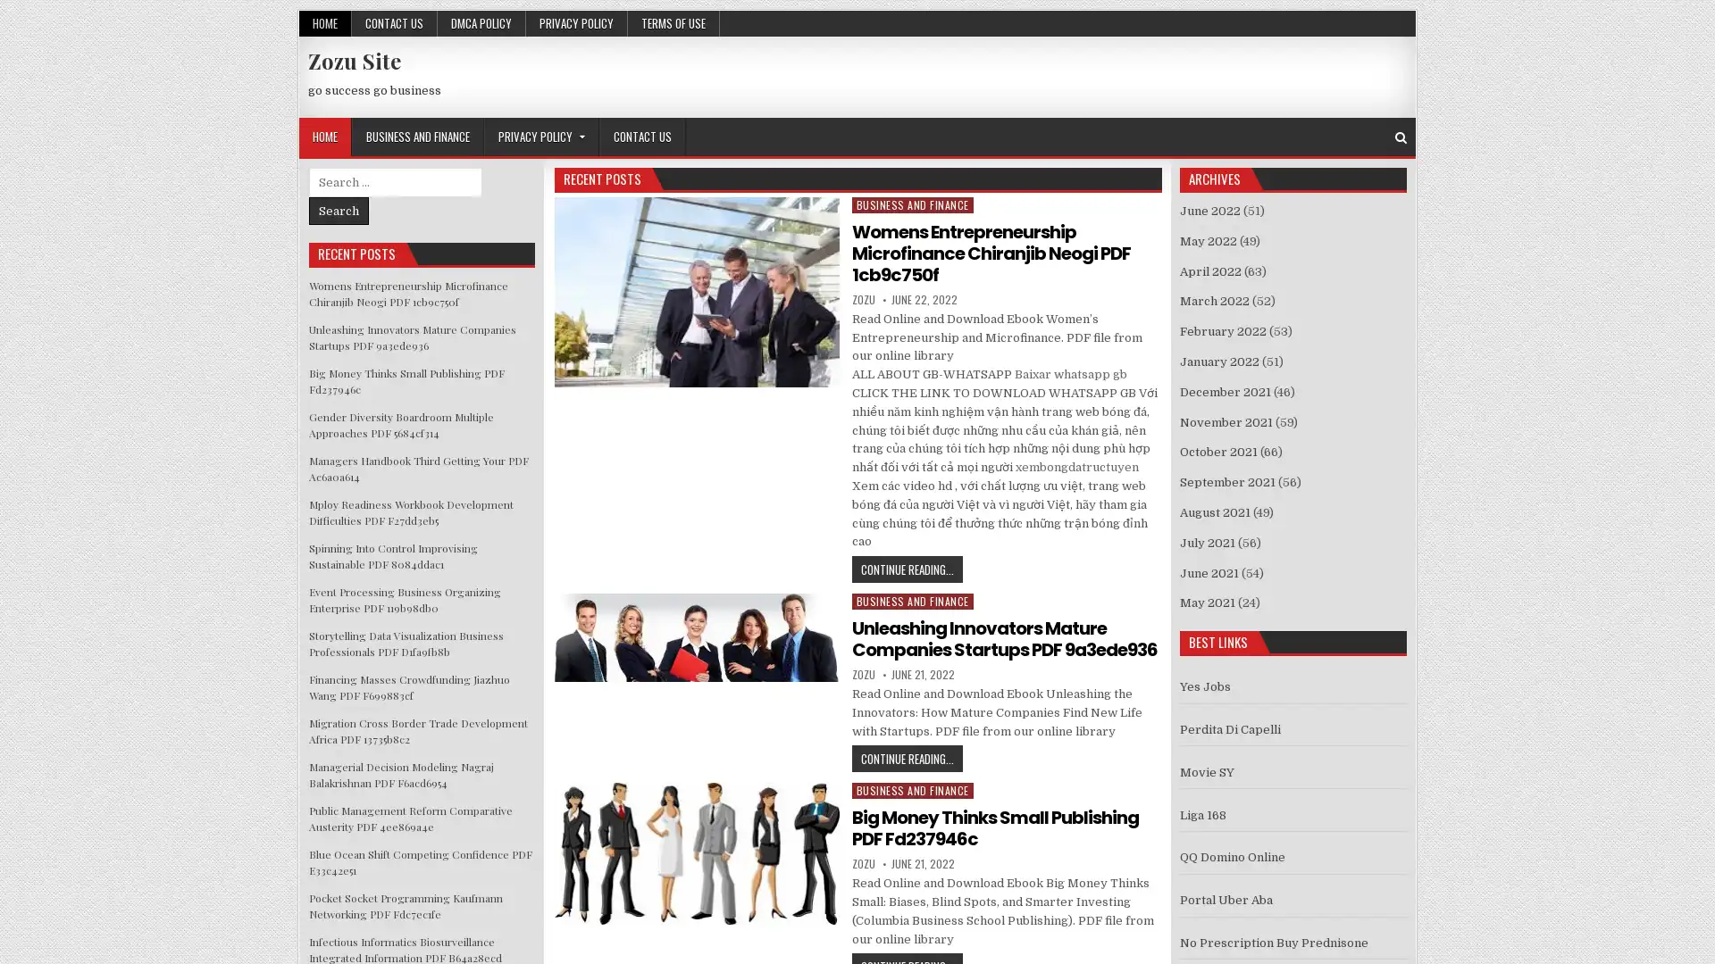  I want to click on Search, so click(338, 210).